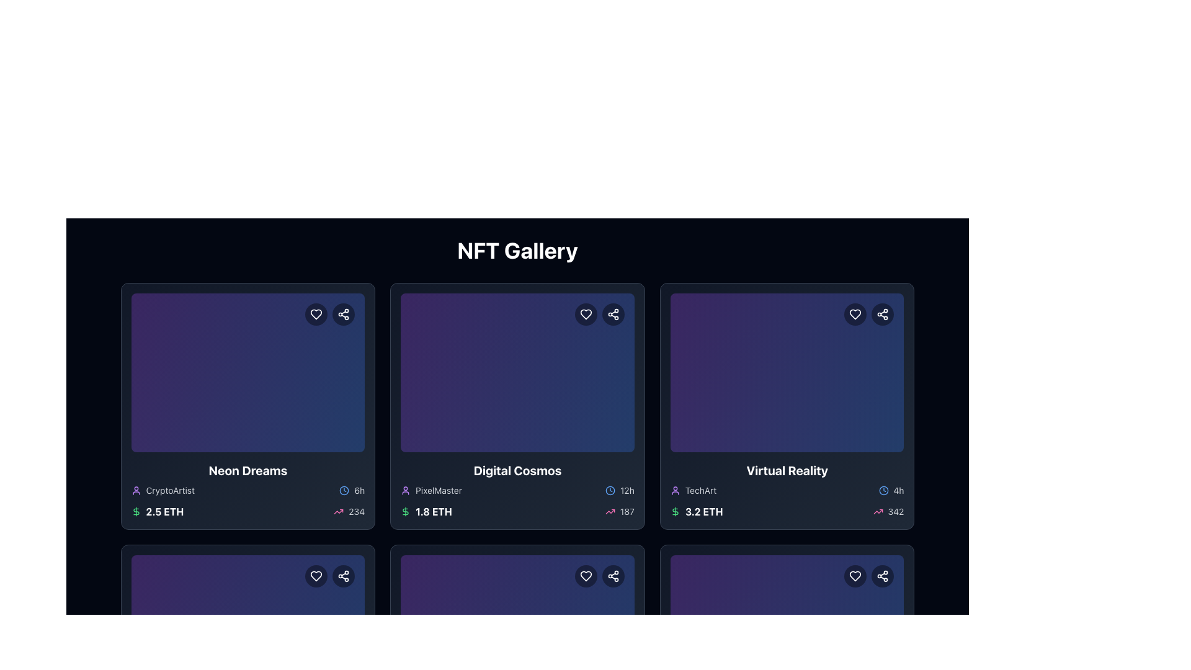  Describe the element at coordinates (704, 512) in the screenshot. I see `value displayed in the text element showing the price in 'ETH' cryptocurrency, located beneath the 'Virtual Reality' title as the last of four elements in a horizontal layout` at that location.